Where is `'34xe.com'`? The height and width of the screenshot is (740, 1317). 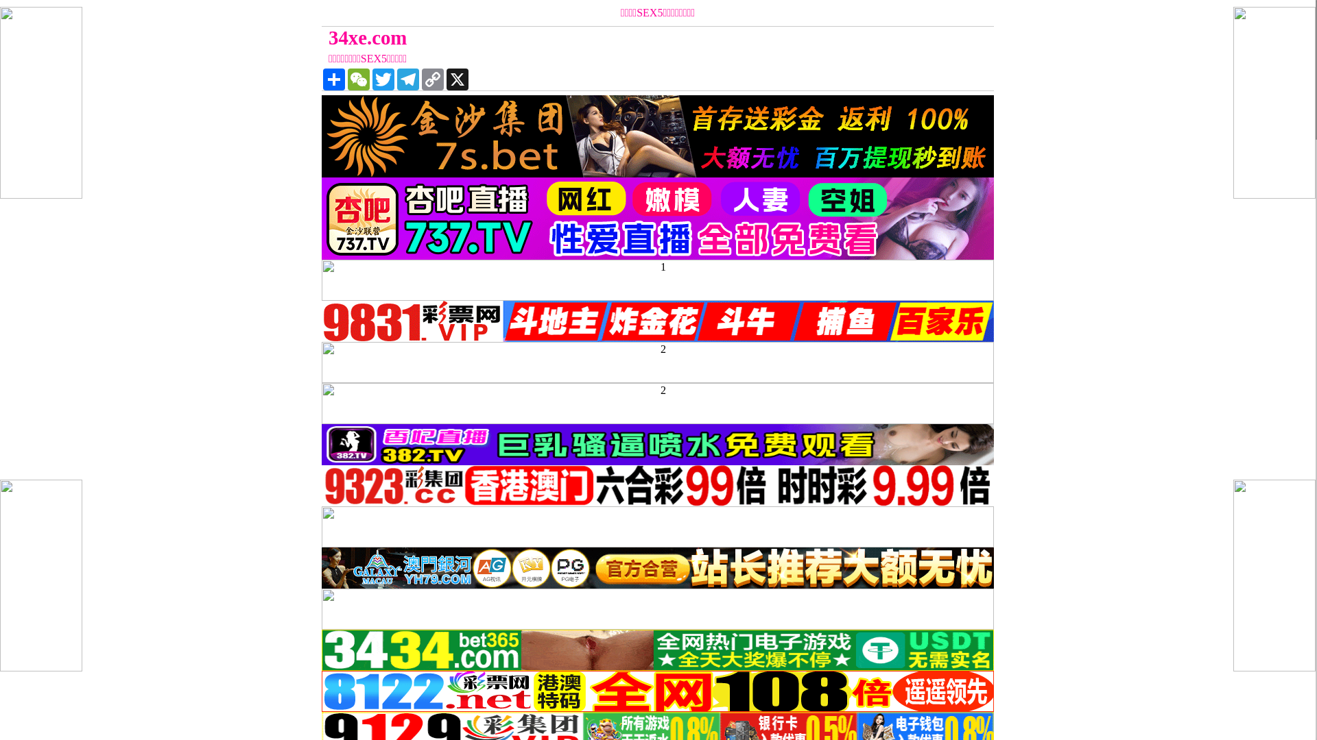
'34xe.com' is located at coordinates (573, 37).